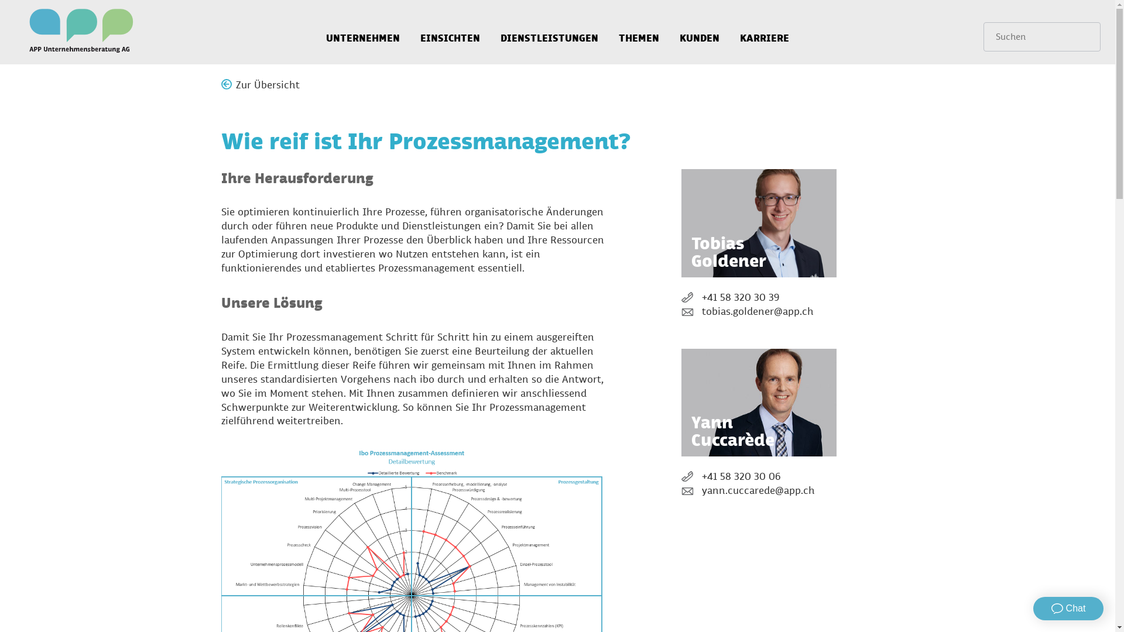 This screenshot has width=1124, height=632. I want to click on 'UNTERNEHMEN', so click(362, 31).